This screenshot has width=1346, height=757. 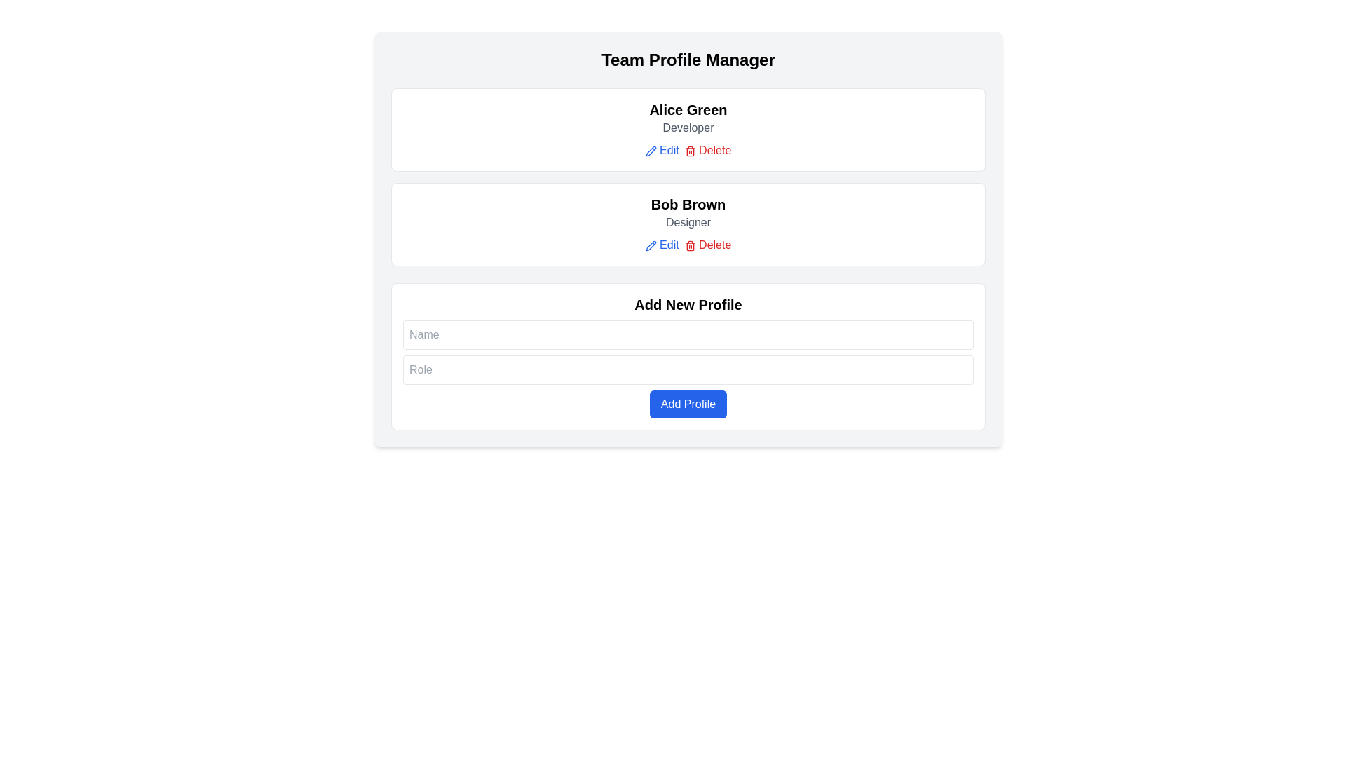 What do you see at coordinates (688, 221) in the screenshot?
I see `the Text label that provides descriptive information about the role or title of the person associated with the name 'Bob Brown' in the centered profile card` at bounding box center [688, 221].